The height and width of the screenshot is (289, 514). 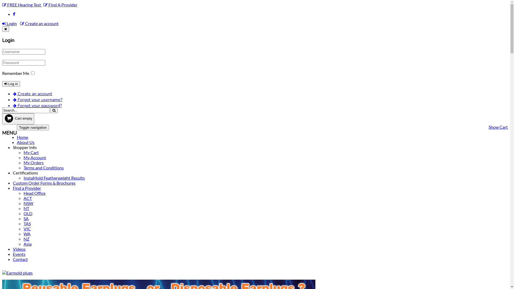 I want to click on 'TAS', so click(x=23, y=223).